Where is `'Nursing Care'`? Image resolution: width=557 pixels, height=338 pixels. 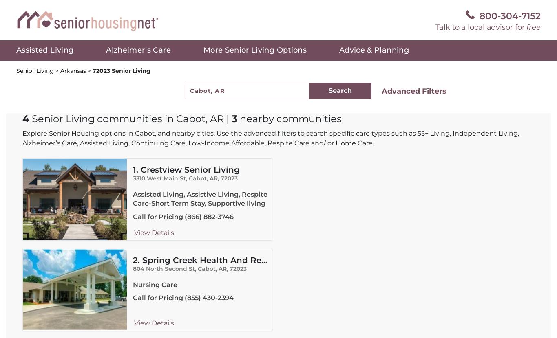
'Nursing Care' is located at coordinates (132, 285).